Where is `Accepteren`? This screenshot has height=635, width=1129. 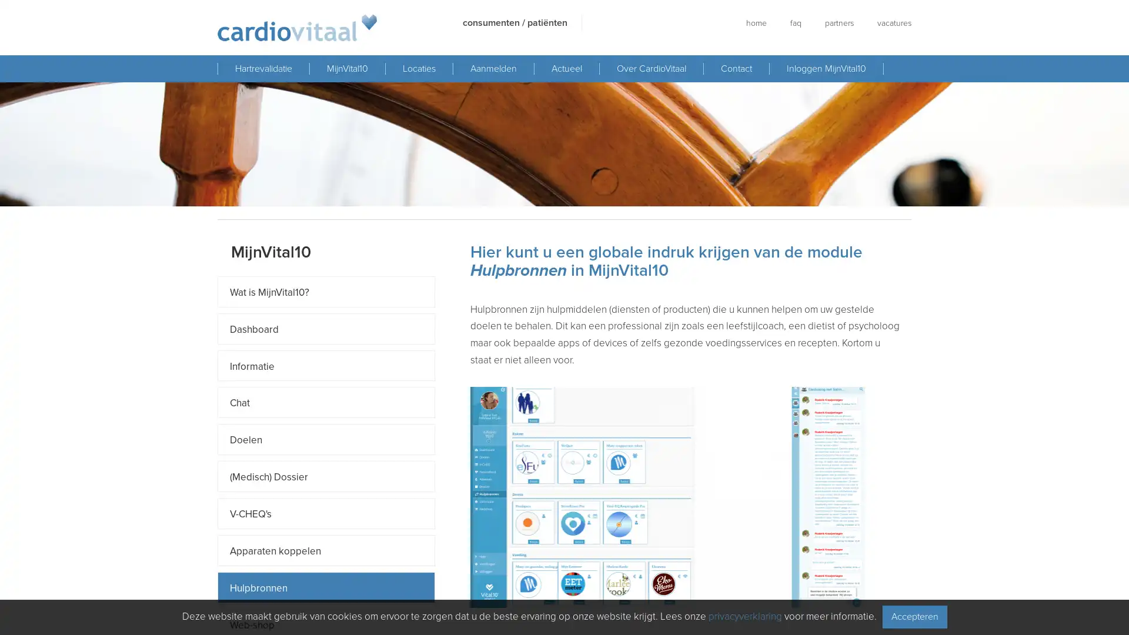 Accepteren is located at coordinates (914, 616).